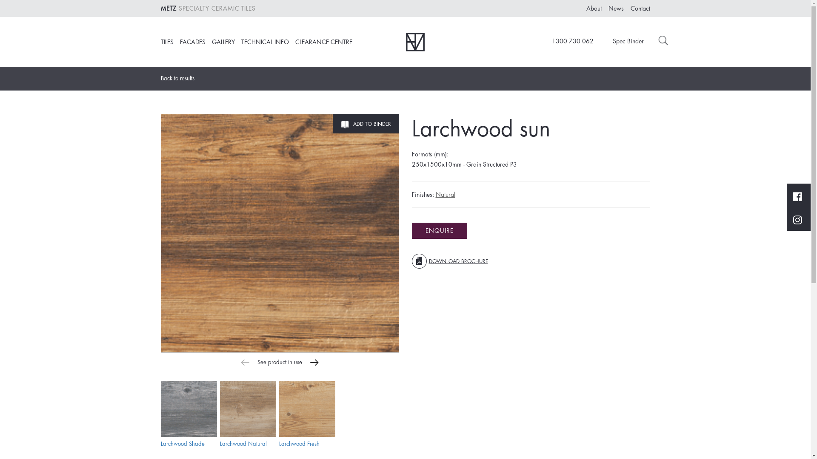 This screenshot has height=459, width=817. I want to click on 'TECHNICAL INFO', so click(264, 42).